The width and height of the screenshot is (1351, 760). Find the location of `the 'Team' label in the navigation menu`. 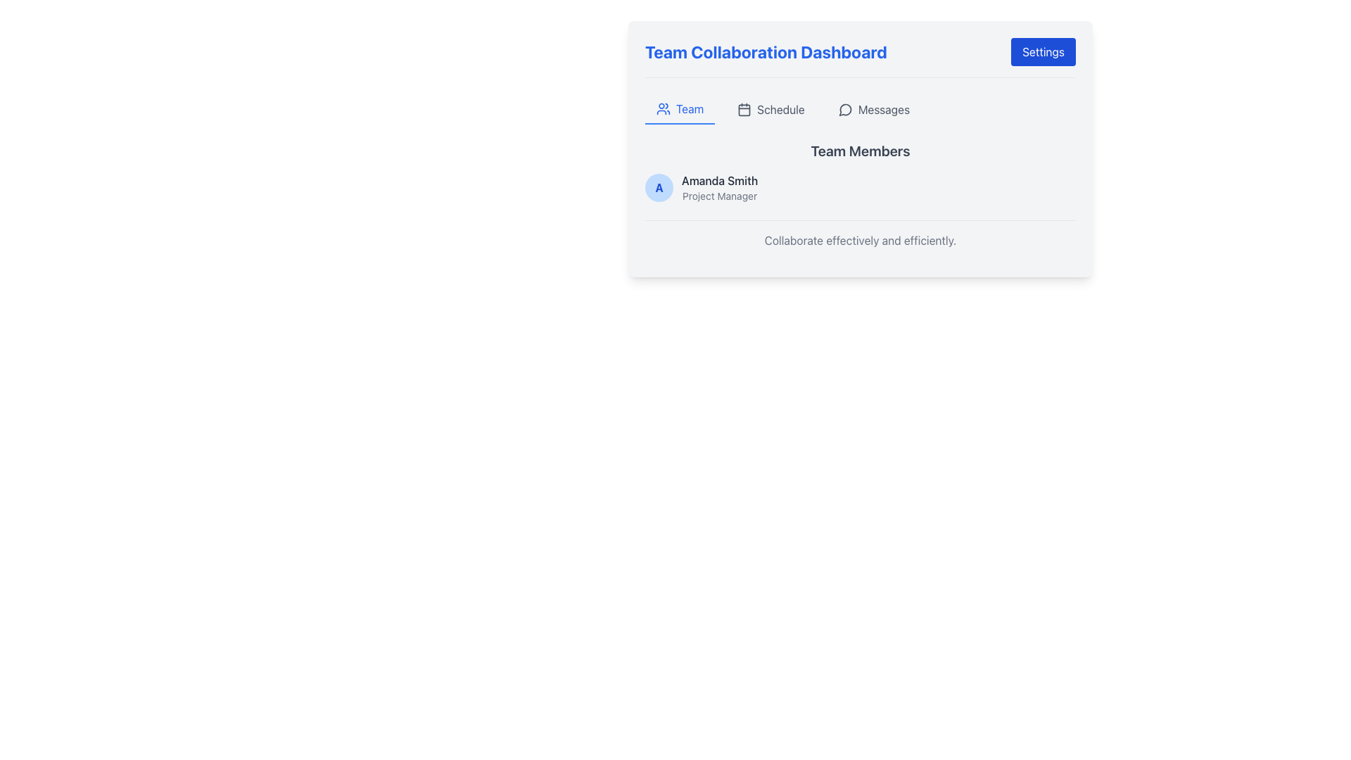

the 'Team' label in the navigation menu is located at coordinates (690, 108).